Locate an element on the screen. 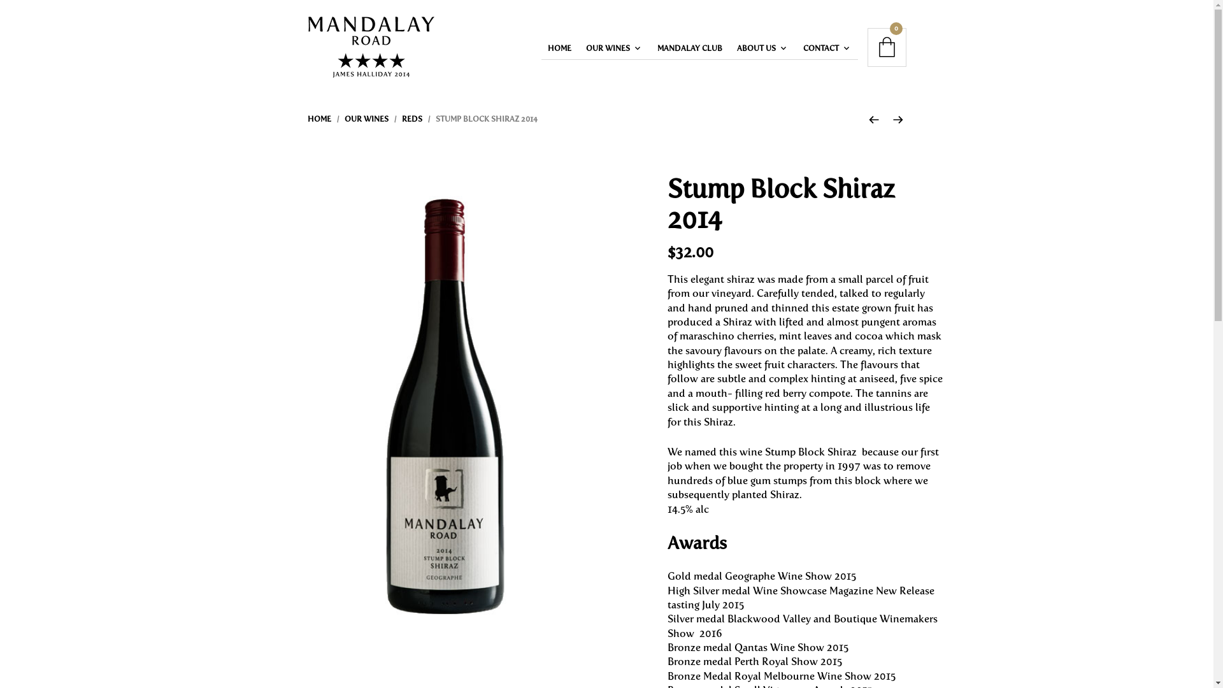 Image resolution: width=1223 pixels, height=688 pixels. 'REDS' is located at coordinates (411, 118).